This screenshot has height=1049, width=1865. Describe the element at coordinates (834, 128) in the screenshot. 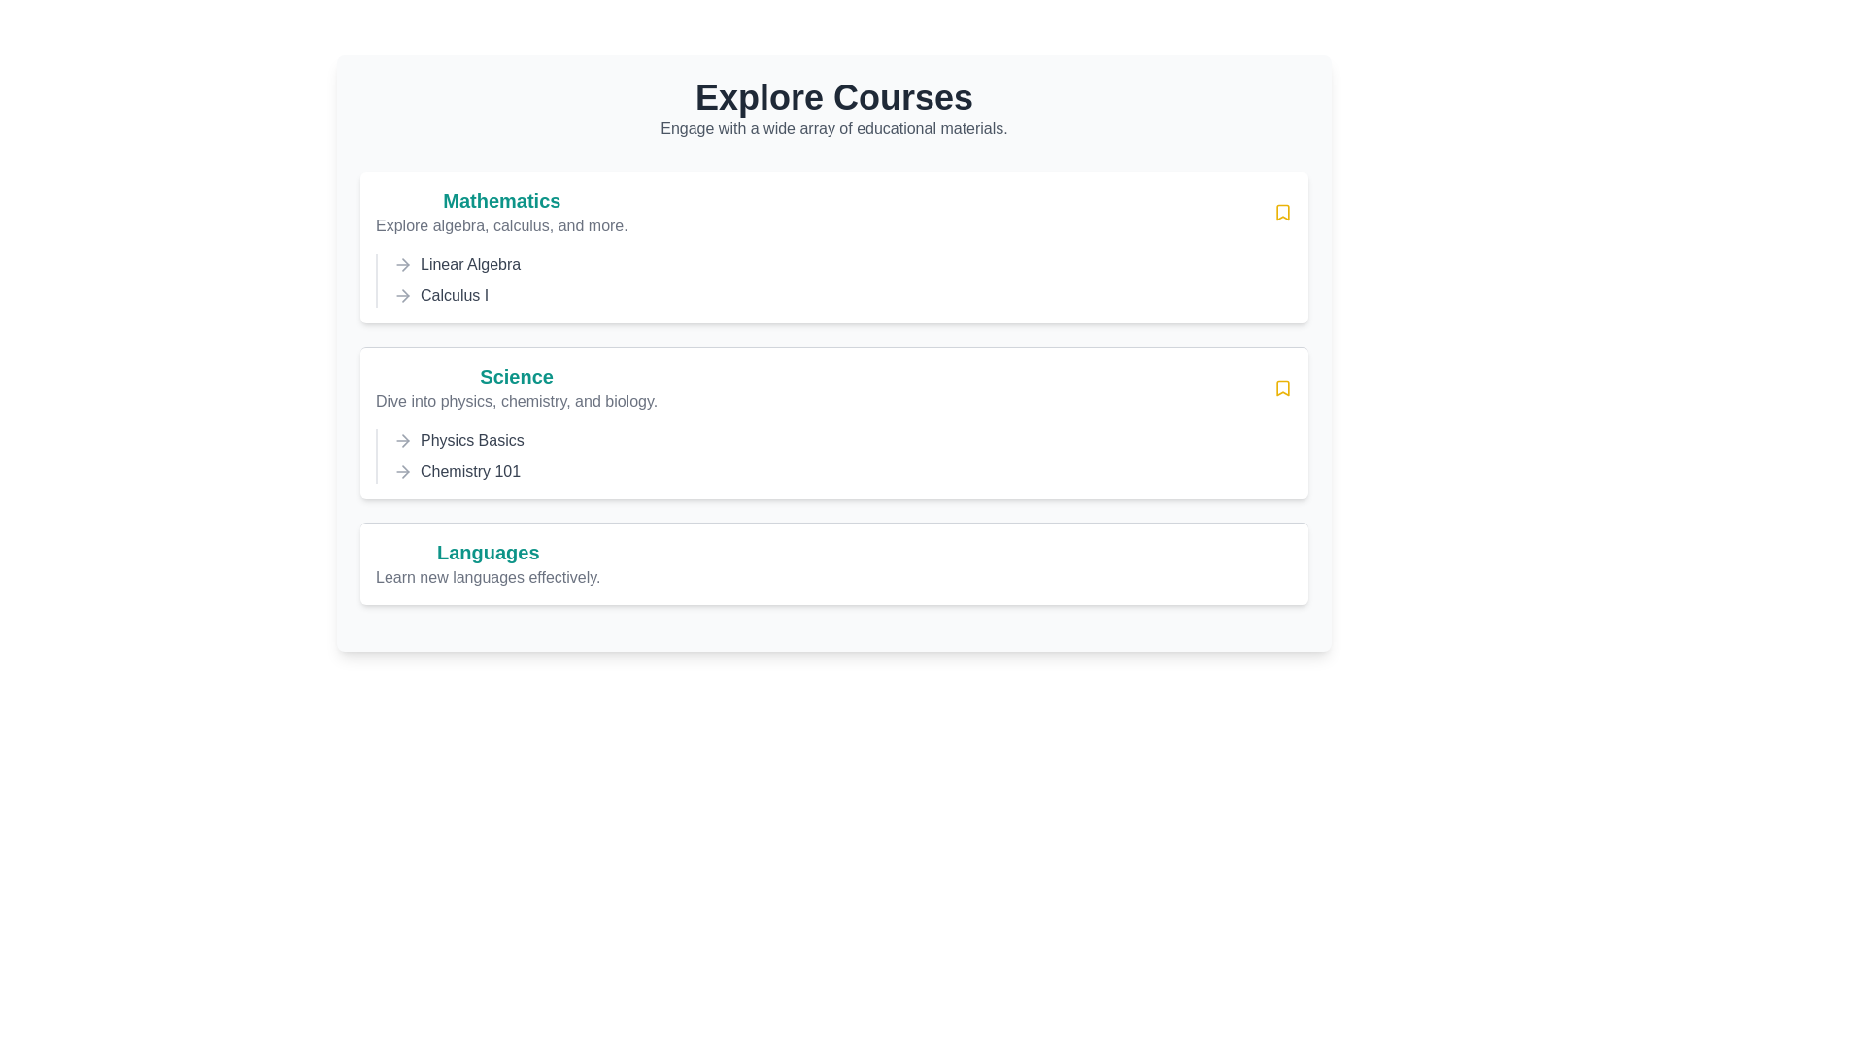

I see `description text located beneath the 'Explore Courses' heading, which serves as additional context for the courses listed below` at that location.